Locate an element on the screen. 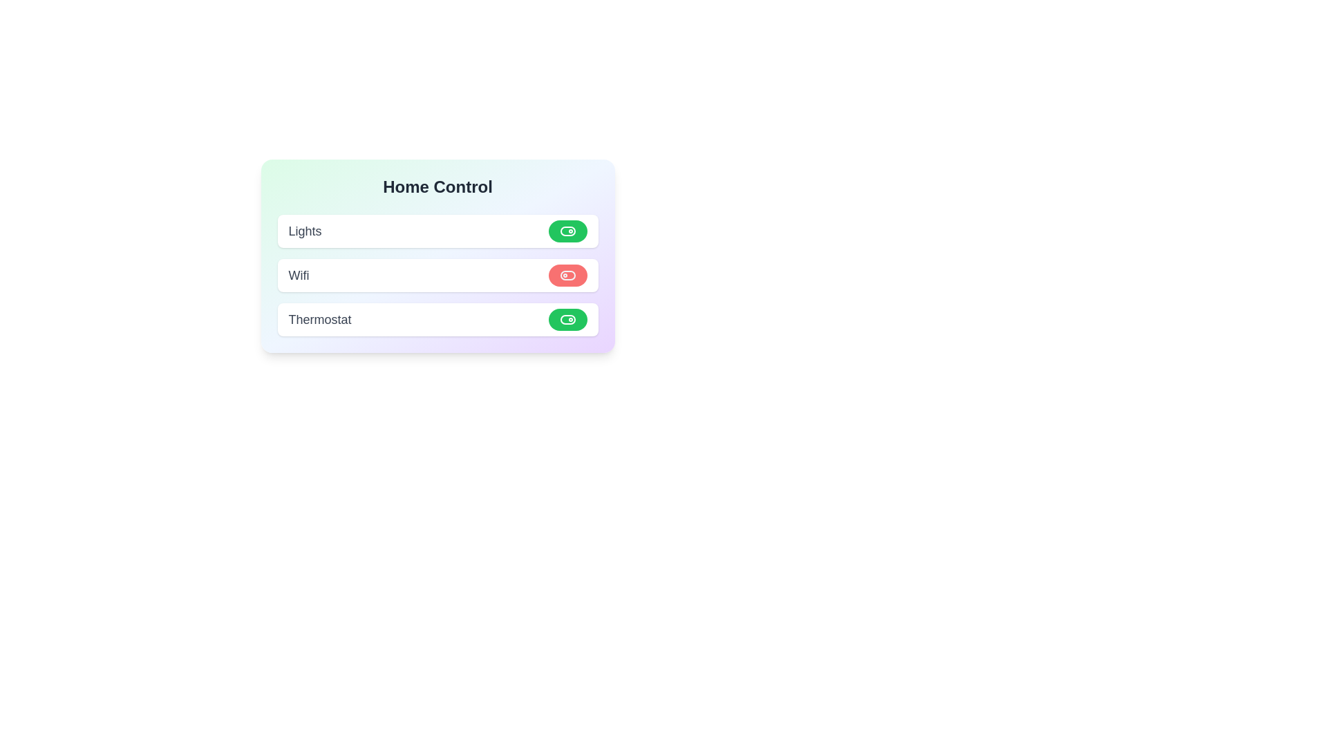  the 'Home Control' panel which contains toggle buttons for lights, wifi, and thermostat to focus on it is located at coordinates (437, 256).